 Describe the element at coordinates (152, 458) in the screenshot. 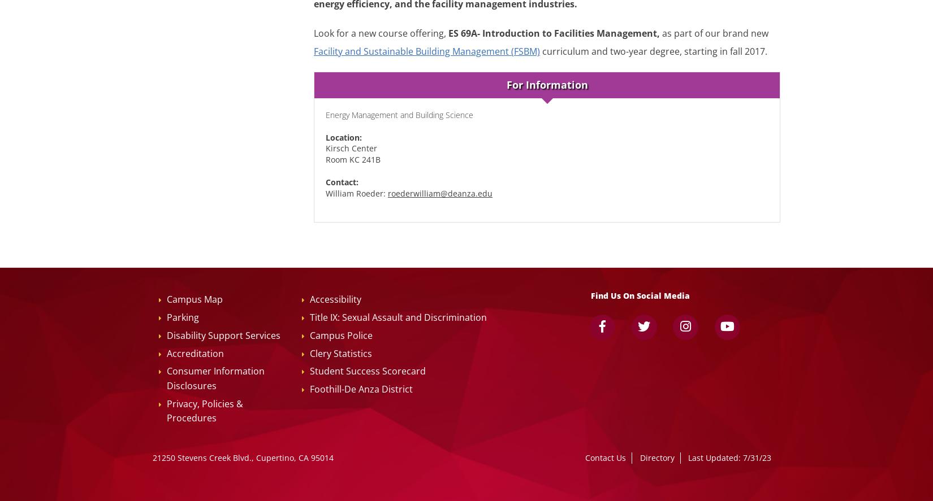

I see `'21250 Stevens Creek Blvd., Cupertino, CA 95014'` at that location.